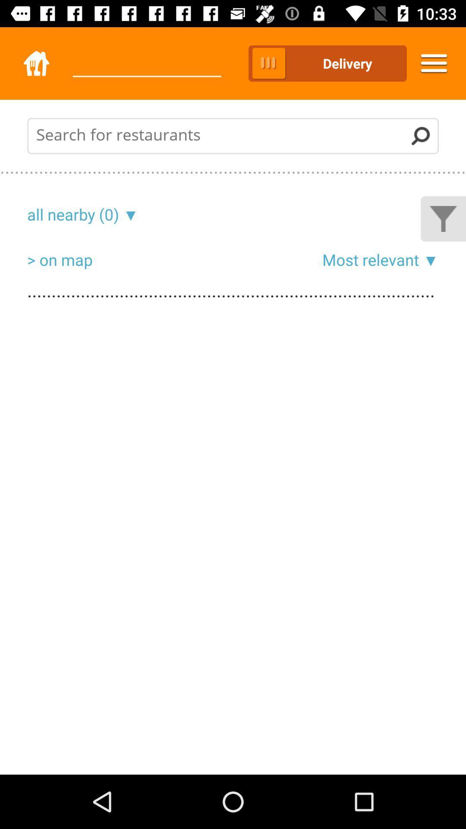 The width and height of the screenshot is (466, 829). I want to click on item above .................................................................................................................................................................................................................................................................................................................................................................................................................................................................................................... item, so click(129, 214).